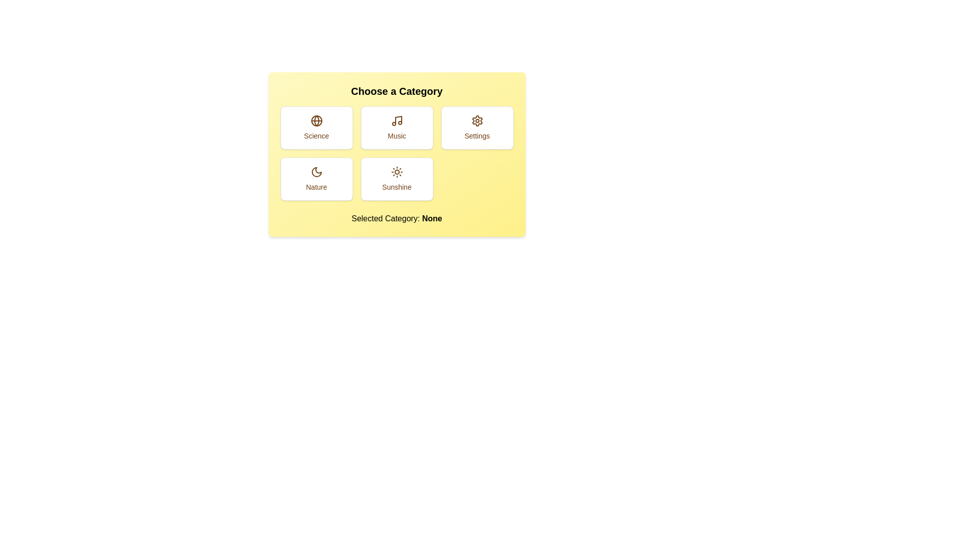  I want to click on the text label that reads 'Sunshine', which is located at the bottom of a selection widget associated with a sun icon, positioned centrally in a grid of six options, so click(396, 187).